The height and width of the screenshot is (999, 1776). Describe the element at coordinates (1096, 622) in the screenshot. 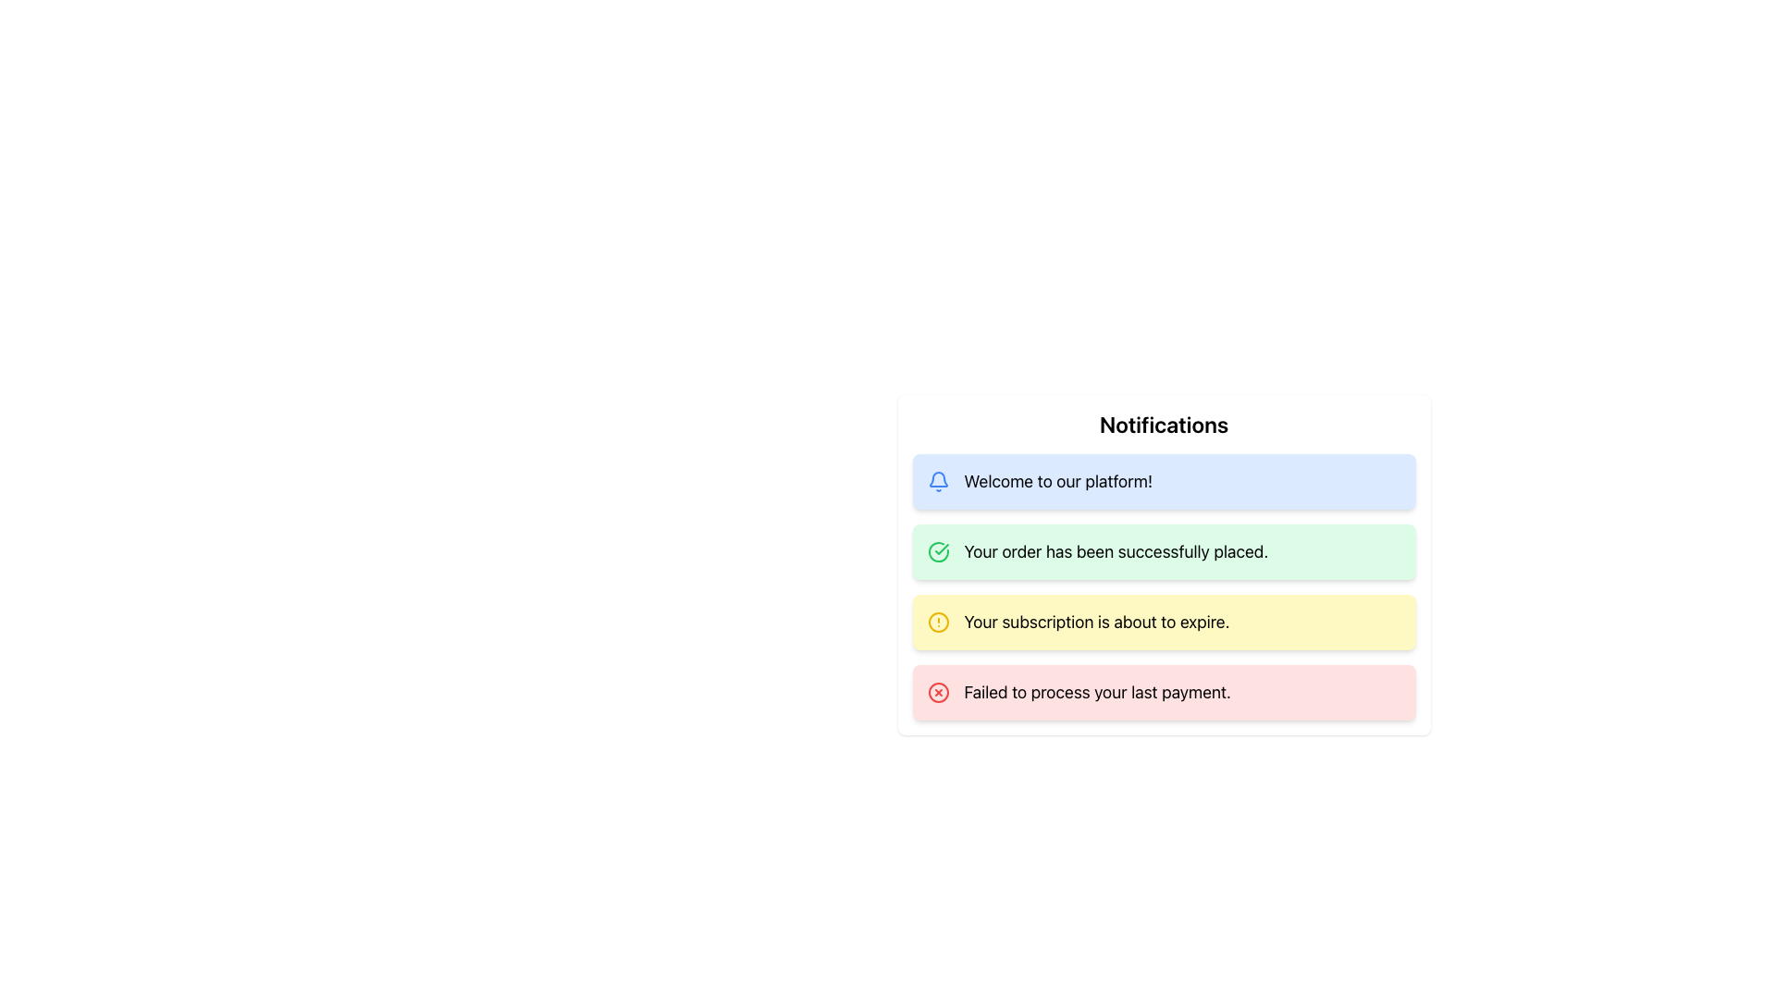

I see `the static text displaying the subscription status alert inside the third notification box with a yellow background, located to the right of the alert icon` at that location.